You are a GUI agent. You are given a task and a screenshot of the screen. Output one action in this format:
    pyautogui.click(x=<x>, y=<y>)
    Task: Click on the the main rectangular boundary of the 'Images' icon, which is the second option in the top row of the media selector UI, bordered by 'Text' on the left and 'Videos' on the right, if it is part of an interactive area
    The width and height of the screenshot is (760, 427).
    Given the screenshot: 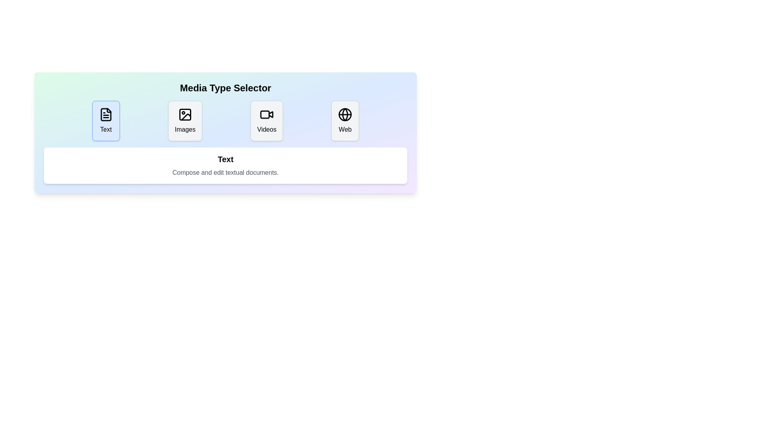 What is the action you would take?
    pyautogui.click(x=184, y=114)
    